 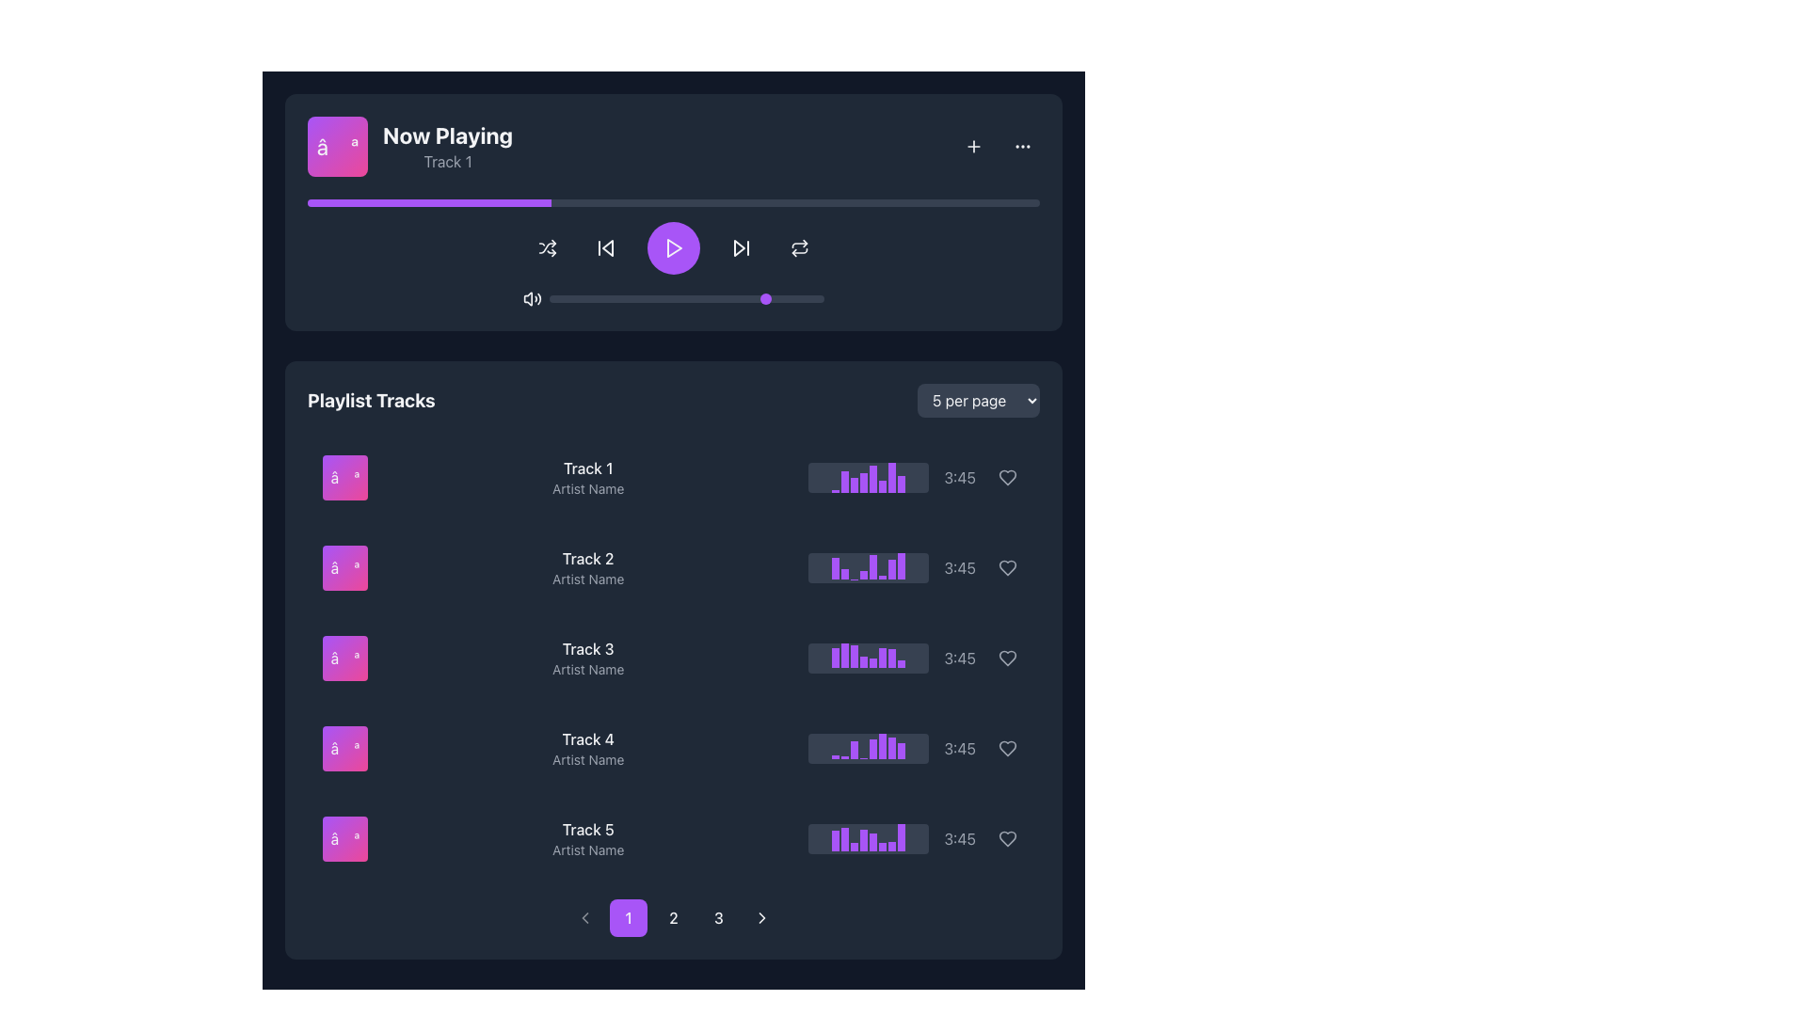 I want to click on the purple vertical bar of the bar chart located in the 'Track 5' row to interpret data, so click(x=835, y=840).